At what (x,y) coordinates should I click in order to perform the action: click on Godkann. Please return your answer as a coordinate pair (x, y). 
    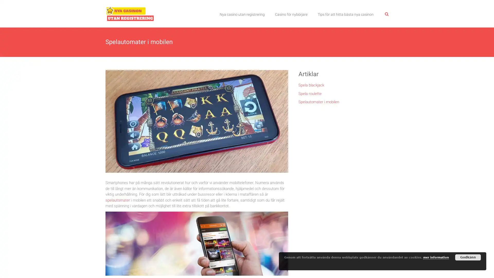
    Looking at the image, I should click on (468, 257).